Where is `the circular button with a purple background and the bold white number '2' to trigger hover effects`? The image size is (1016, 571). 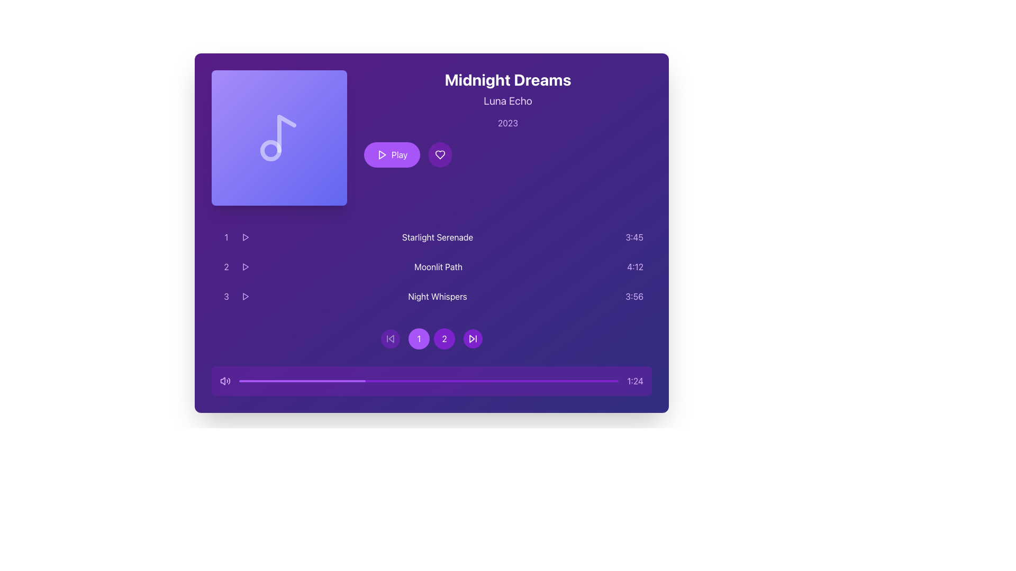
the circular button with a purple background and the bold white number '2' to trigger hover effects is located at coordinates (444, 338).